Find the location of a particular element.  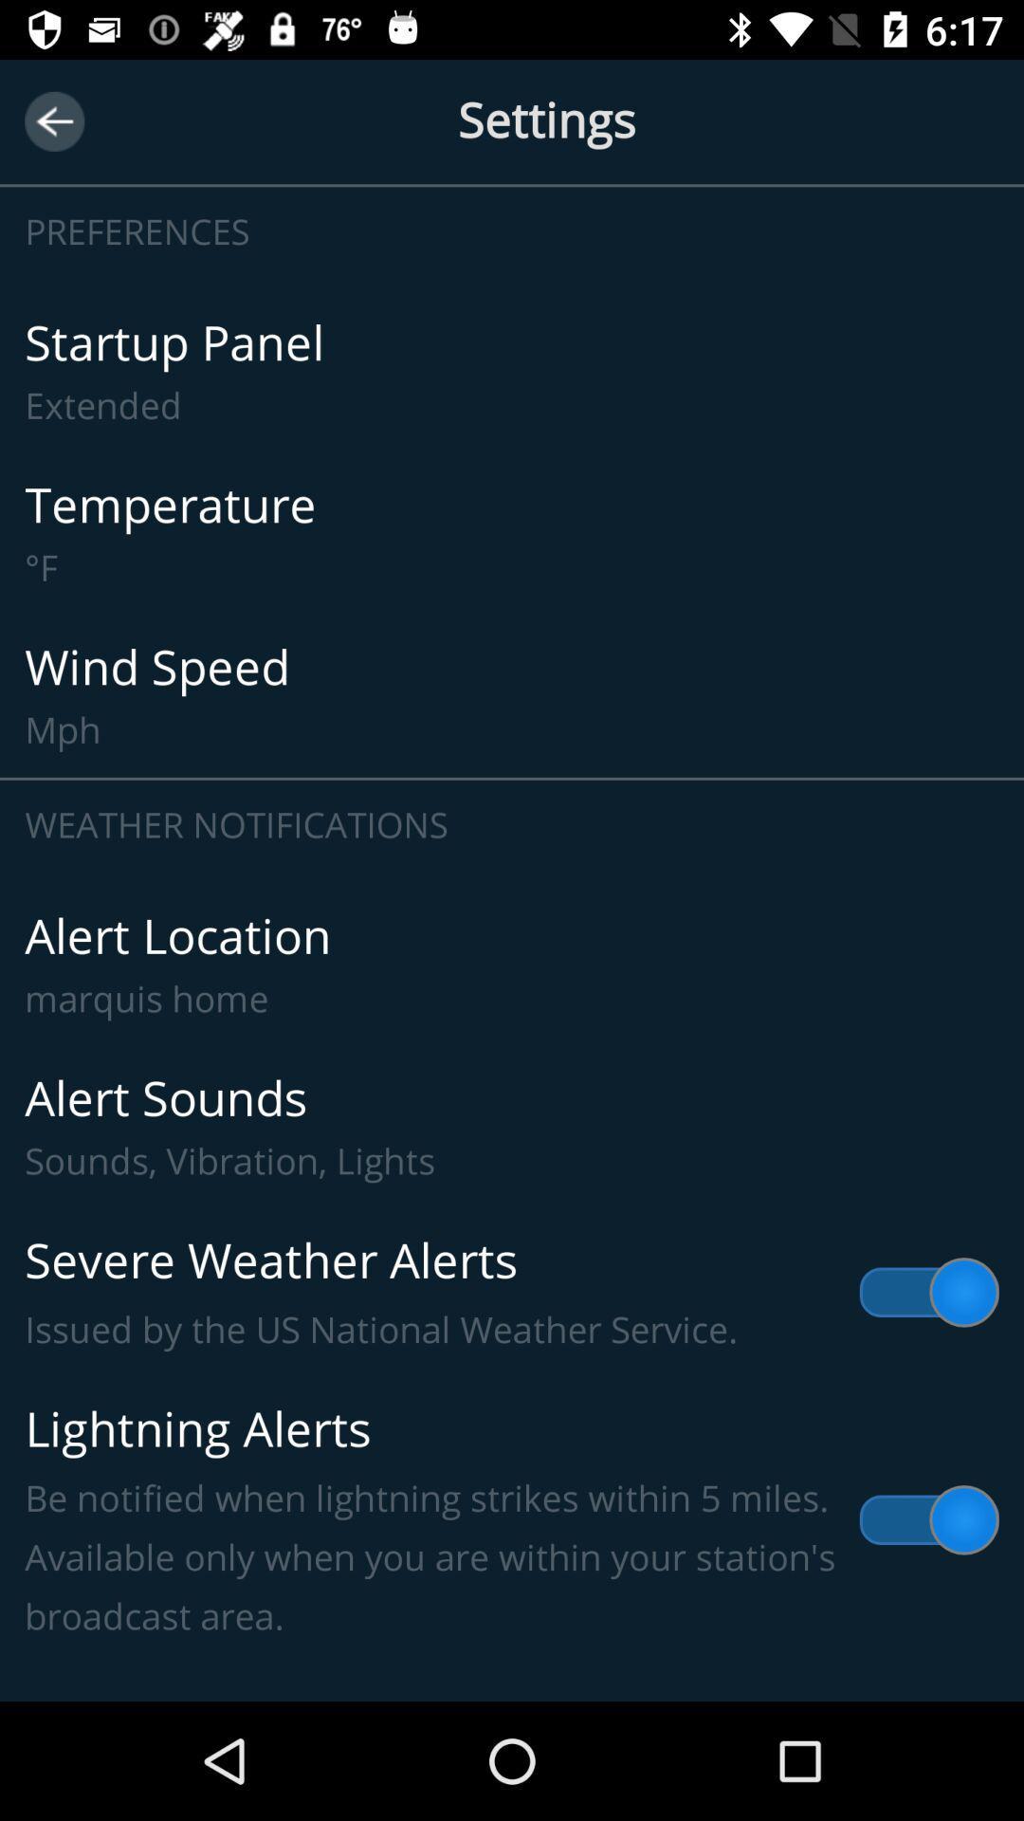

the arrow_backward icon is located at coordinates (53, 120).